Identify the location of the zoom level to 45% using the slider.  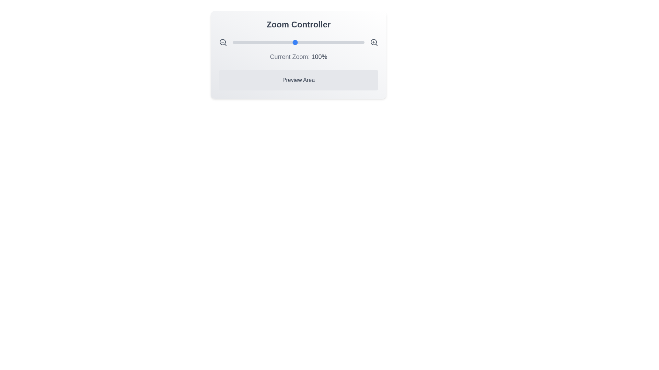
(256, 42).